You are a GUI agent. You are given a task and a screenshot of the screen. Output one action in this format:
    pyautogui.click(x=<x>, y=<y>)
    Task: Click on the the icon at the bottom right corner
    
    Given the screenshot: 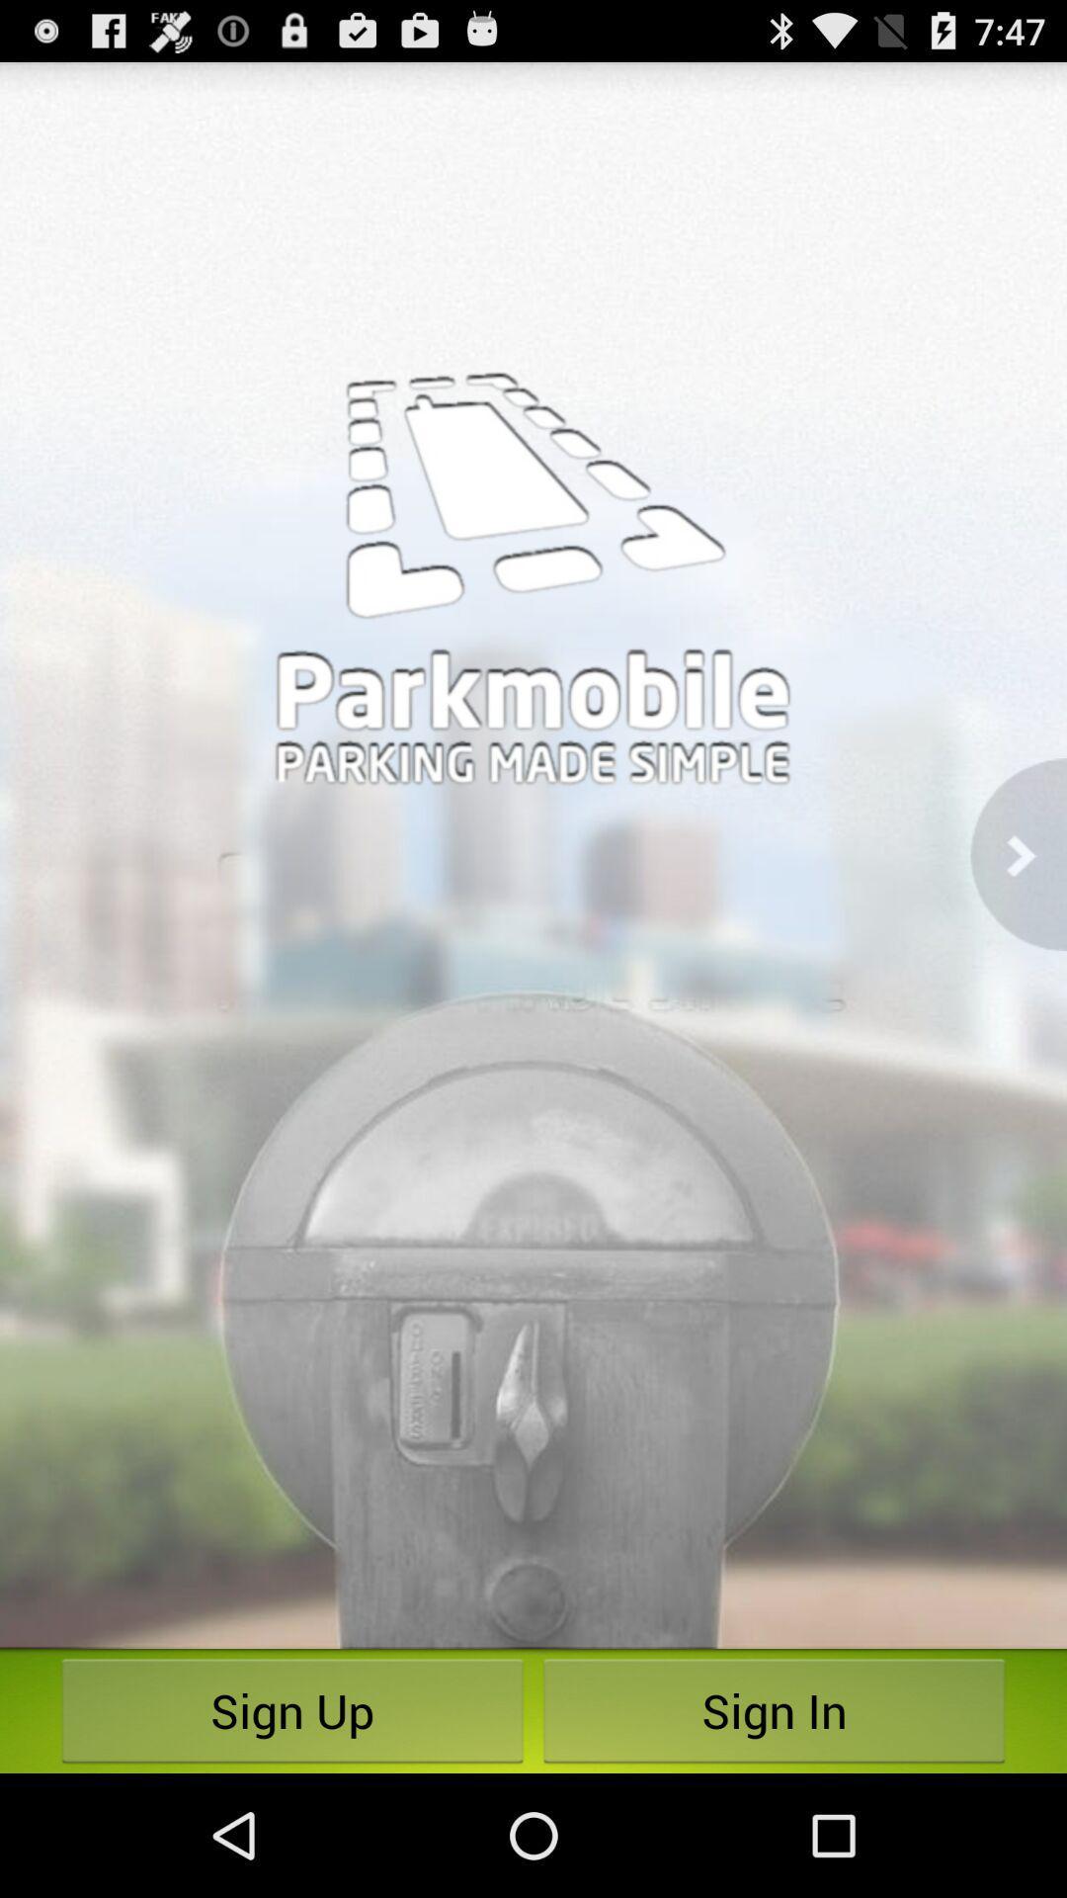 What is the action you would take?
    pyautogui.click(x=773, y=1710)
    